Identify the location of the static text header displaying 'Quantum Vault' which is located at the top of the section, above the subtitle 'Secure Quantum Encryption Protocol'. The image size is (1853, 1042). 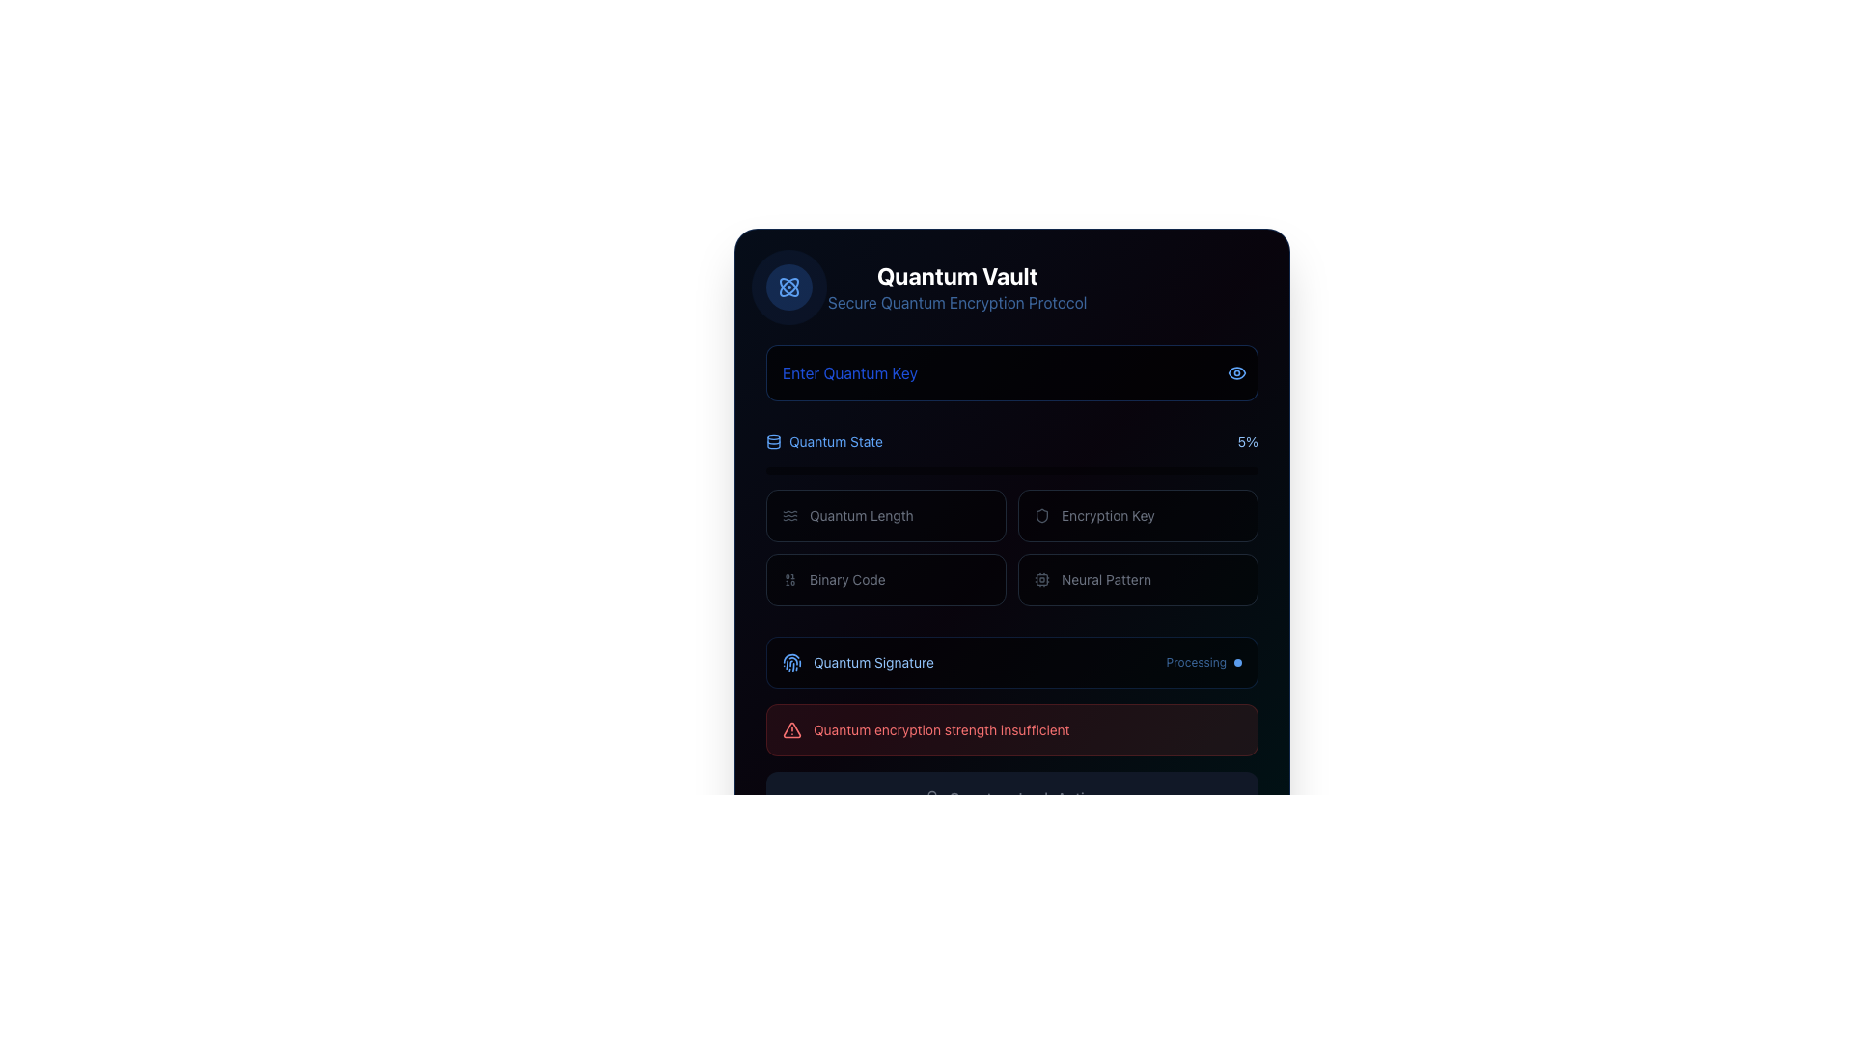
(957, 275).